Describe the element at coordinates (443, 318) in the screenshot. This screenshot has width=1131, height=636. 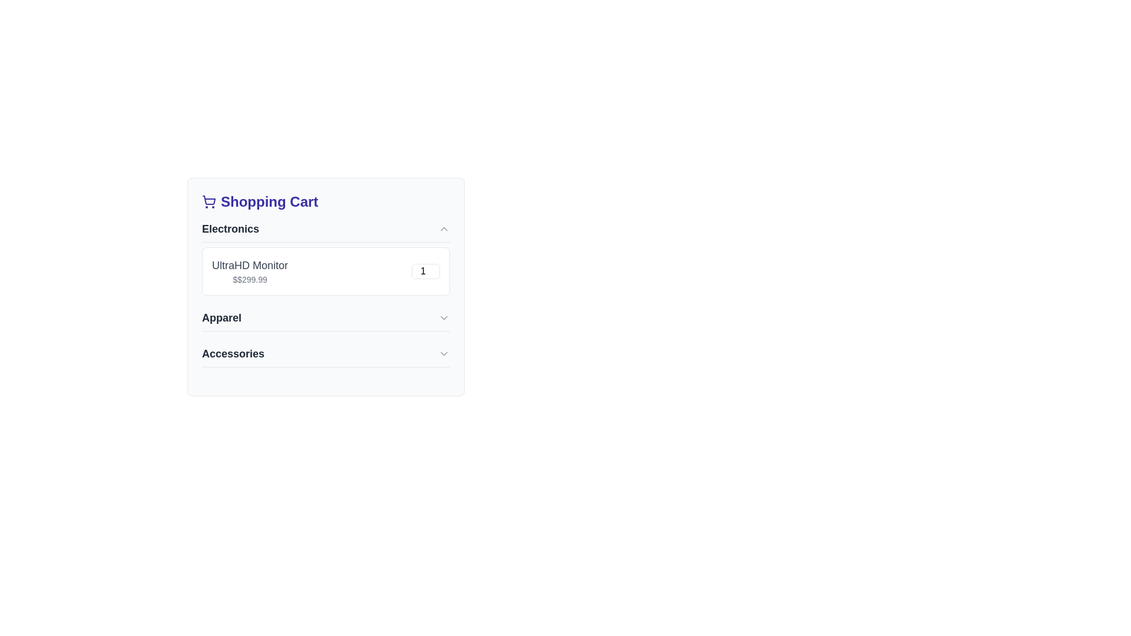
I see `the downward-facing Chevron (dropdown toggle) icon located to the far right in the row containing the text 'Apparel'` at that location.